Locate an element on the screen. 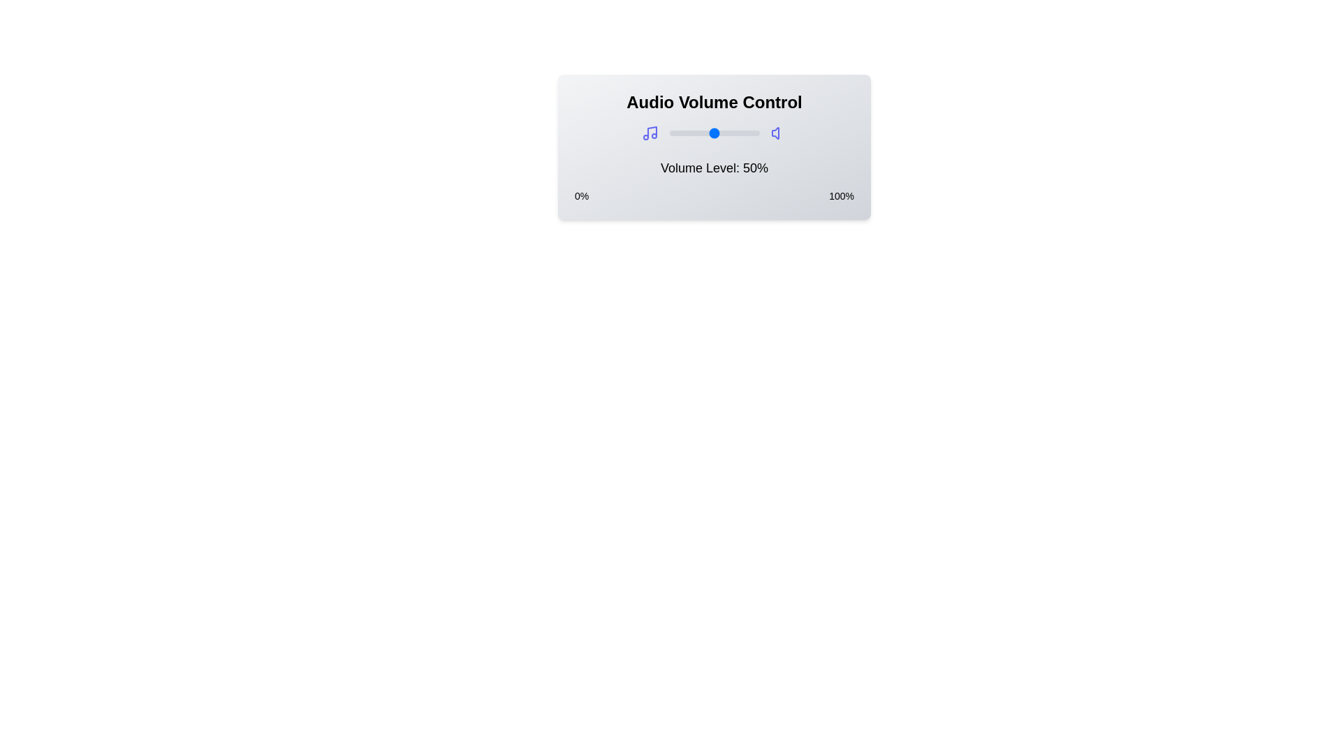 Image resolution: width=1341 pixels, height=754 pixels. the volume to 70% by dragging the slider is located at coordinates (731, 133).